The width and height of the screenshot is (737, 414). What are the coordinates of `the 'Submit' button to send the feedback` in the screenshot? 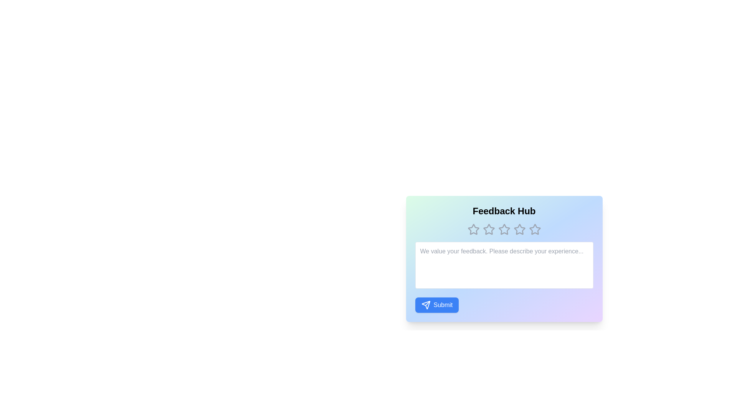 It's located at (437, 304).